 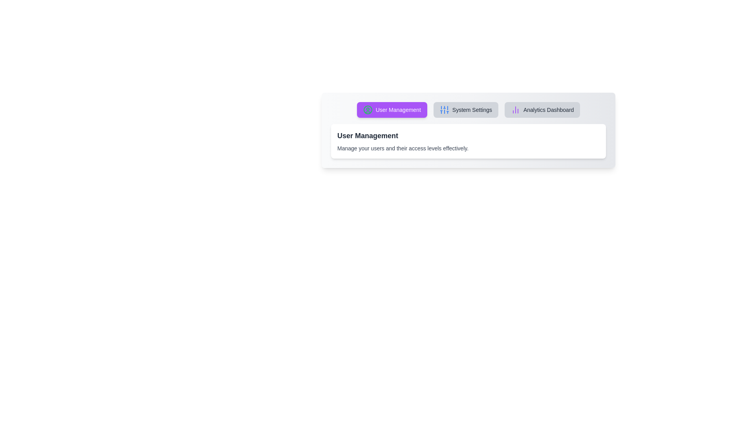 What do you see at coordinates (466, 110) in the screenshot?
I see `the System Settings tab in the ManagementPortal component` at bounding box center [466, 110].